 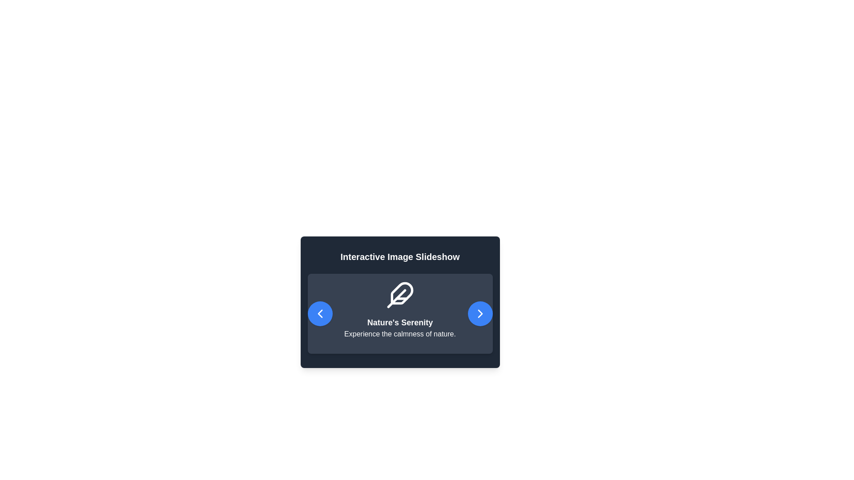 I want to click on the decorative icon (SVG element) that represents serenity and natural beauty, positioned above the text 'Nature's Serenity' in the middle of the interface section, so click(x=401, y=293).